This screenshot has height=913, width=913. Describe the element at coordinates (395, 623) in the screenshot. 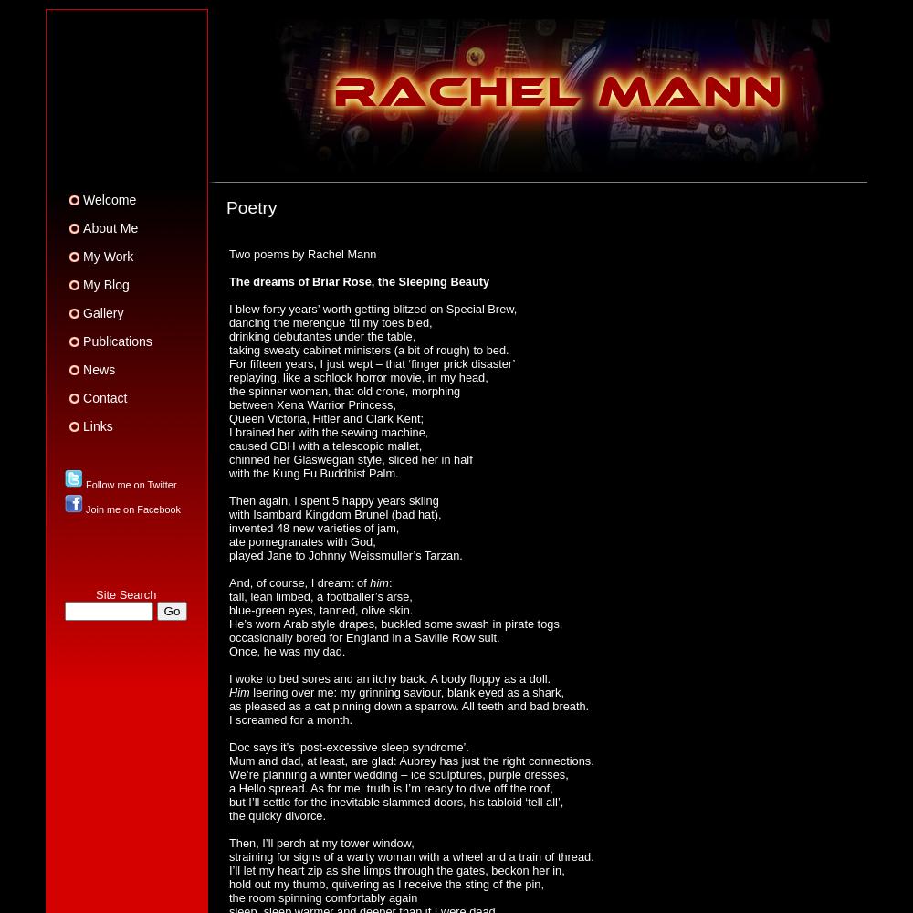

I see `'He’s worn Arab style drapes, buckled some swash in pirate togs,'` at that location.